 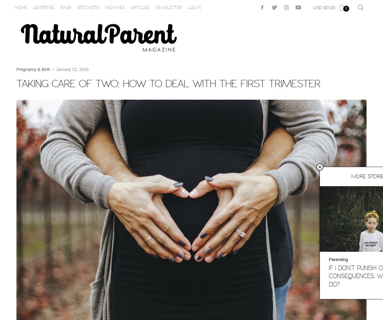 What do you see at coordinates (72, 69) in the screenshot?
I see `'January 22, 2019'` at bounding box center [72, 69].